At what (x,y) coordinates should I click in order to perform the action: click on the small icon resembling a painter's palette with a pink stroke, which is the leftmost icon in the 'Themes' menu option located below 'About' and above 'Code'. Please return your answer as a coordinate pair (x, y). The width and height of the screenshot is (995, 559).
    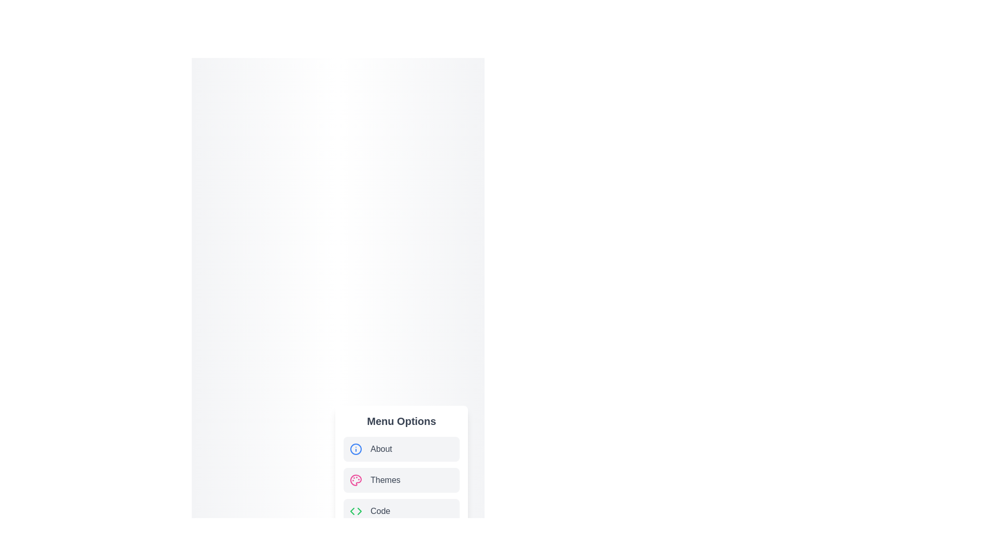
    Looking at the image, I should click on (356, 480).